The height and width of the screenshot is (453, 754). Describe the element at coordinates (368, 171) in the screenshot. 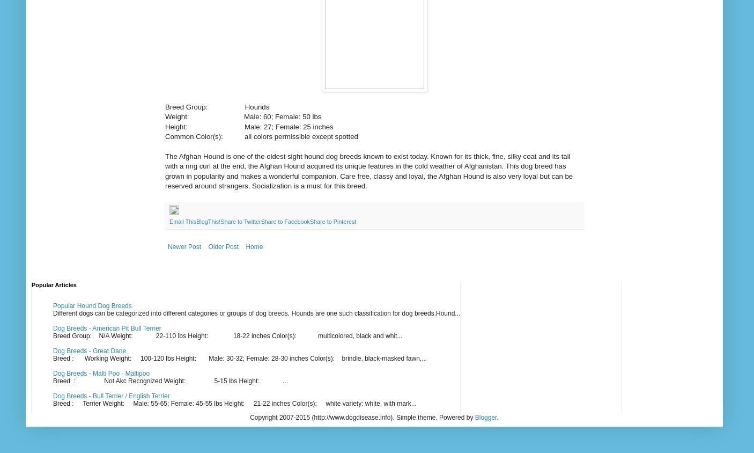

I see `'The Afghan Hound is one of the oldest sight hound dog breeds known to exist today. Known for its thick, fine, silky coat and its tail with a ring curl at the end, the Afghan Hound acquired its unique features in the cold weather of Afghanistan. This dog breed has grown in popularity and makes a wonderful companion. Care free, classy and loyal, the Afghan Hound is also very loyal but can be reserved around strangers. Socialization is a must for this breed.'` at that location.